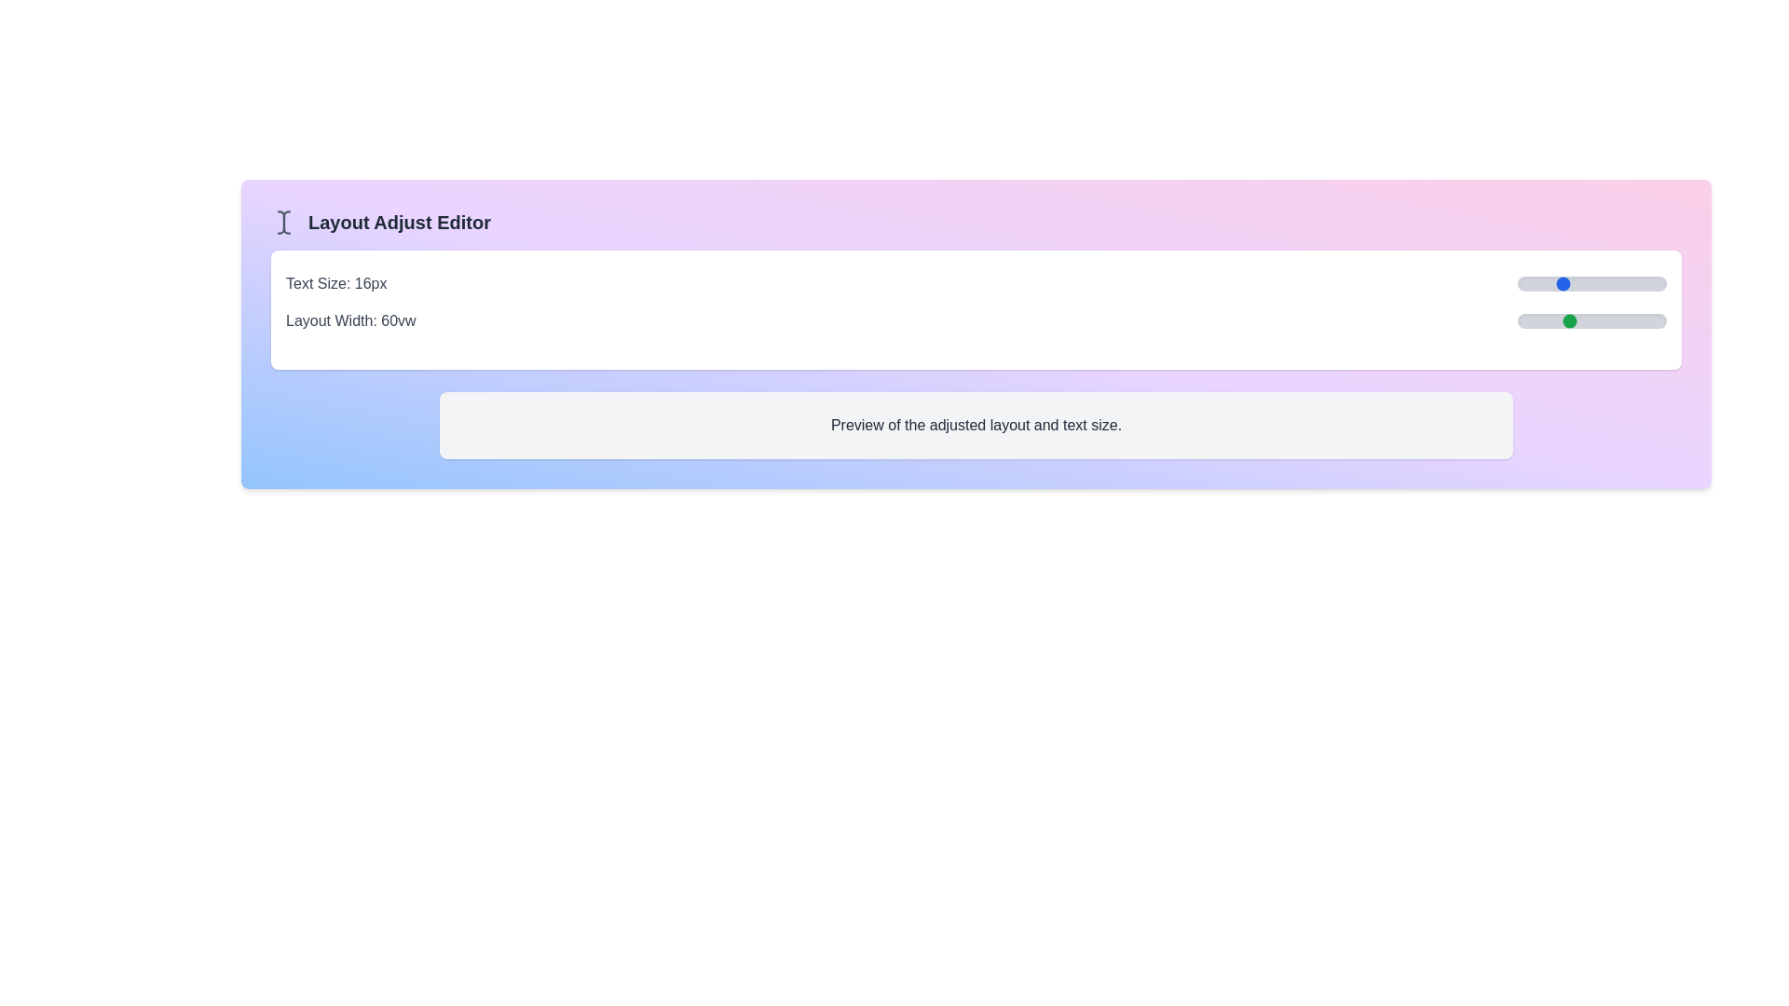 The width and height of the screenshot is (1789, 1006). I want to click on the text display area which is a light gray rectangular block with rounded corners containing the text 'Preview of the adjusted layout and text size.', so click(975, 425).